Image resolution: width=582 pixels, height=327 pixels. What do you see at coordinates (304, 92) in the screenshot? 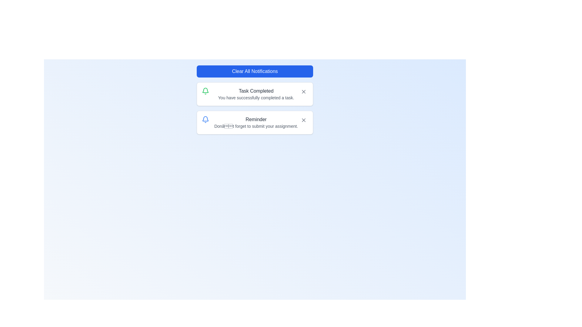
I see `the small circular button with a gray border and a dark 'X' icon inside it, located at the top right corner of the notification card` at bounding box center [304, 92].